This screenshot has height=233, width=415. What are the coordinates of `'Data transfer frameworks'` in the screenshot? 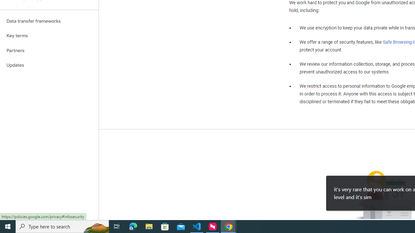 It's located at (49, 21).